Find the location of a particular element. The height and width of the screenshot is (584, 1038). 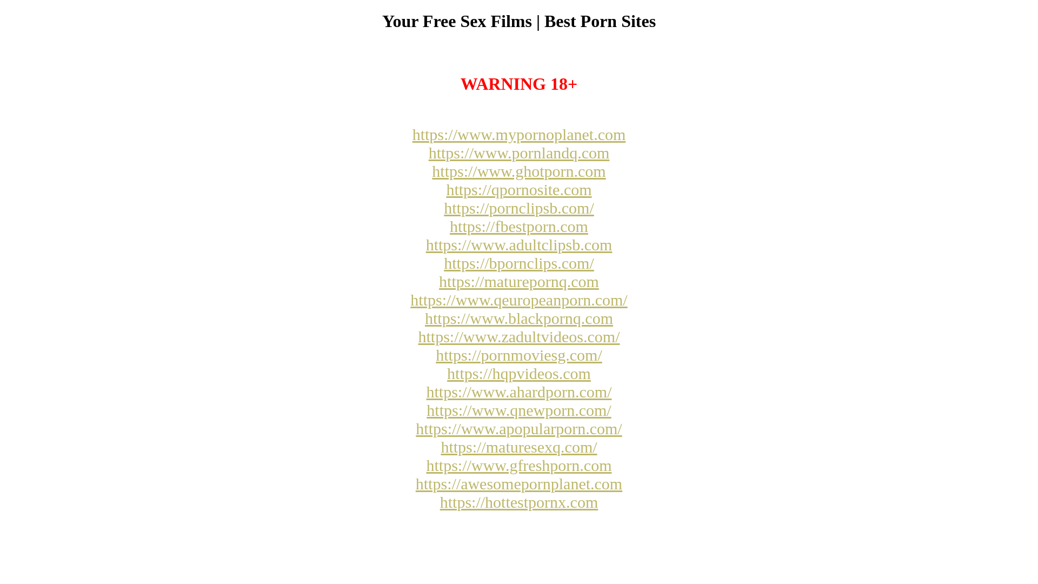

'https://pornclipsb.com/' is located at coordinates (519, 208).